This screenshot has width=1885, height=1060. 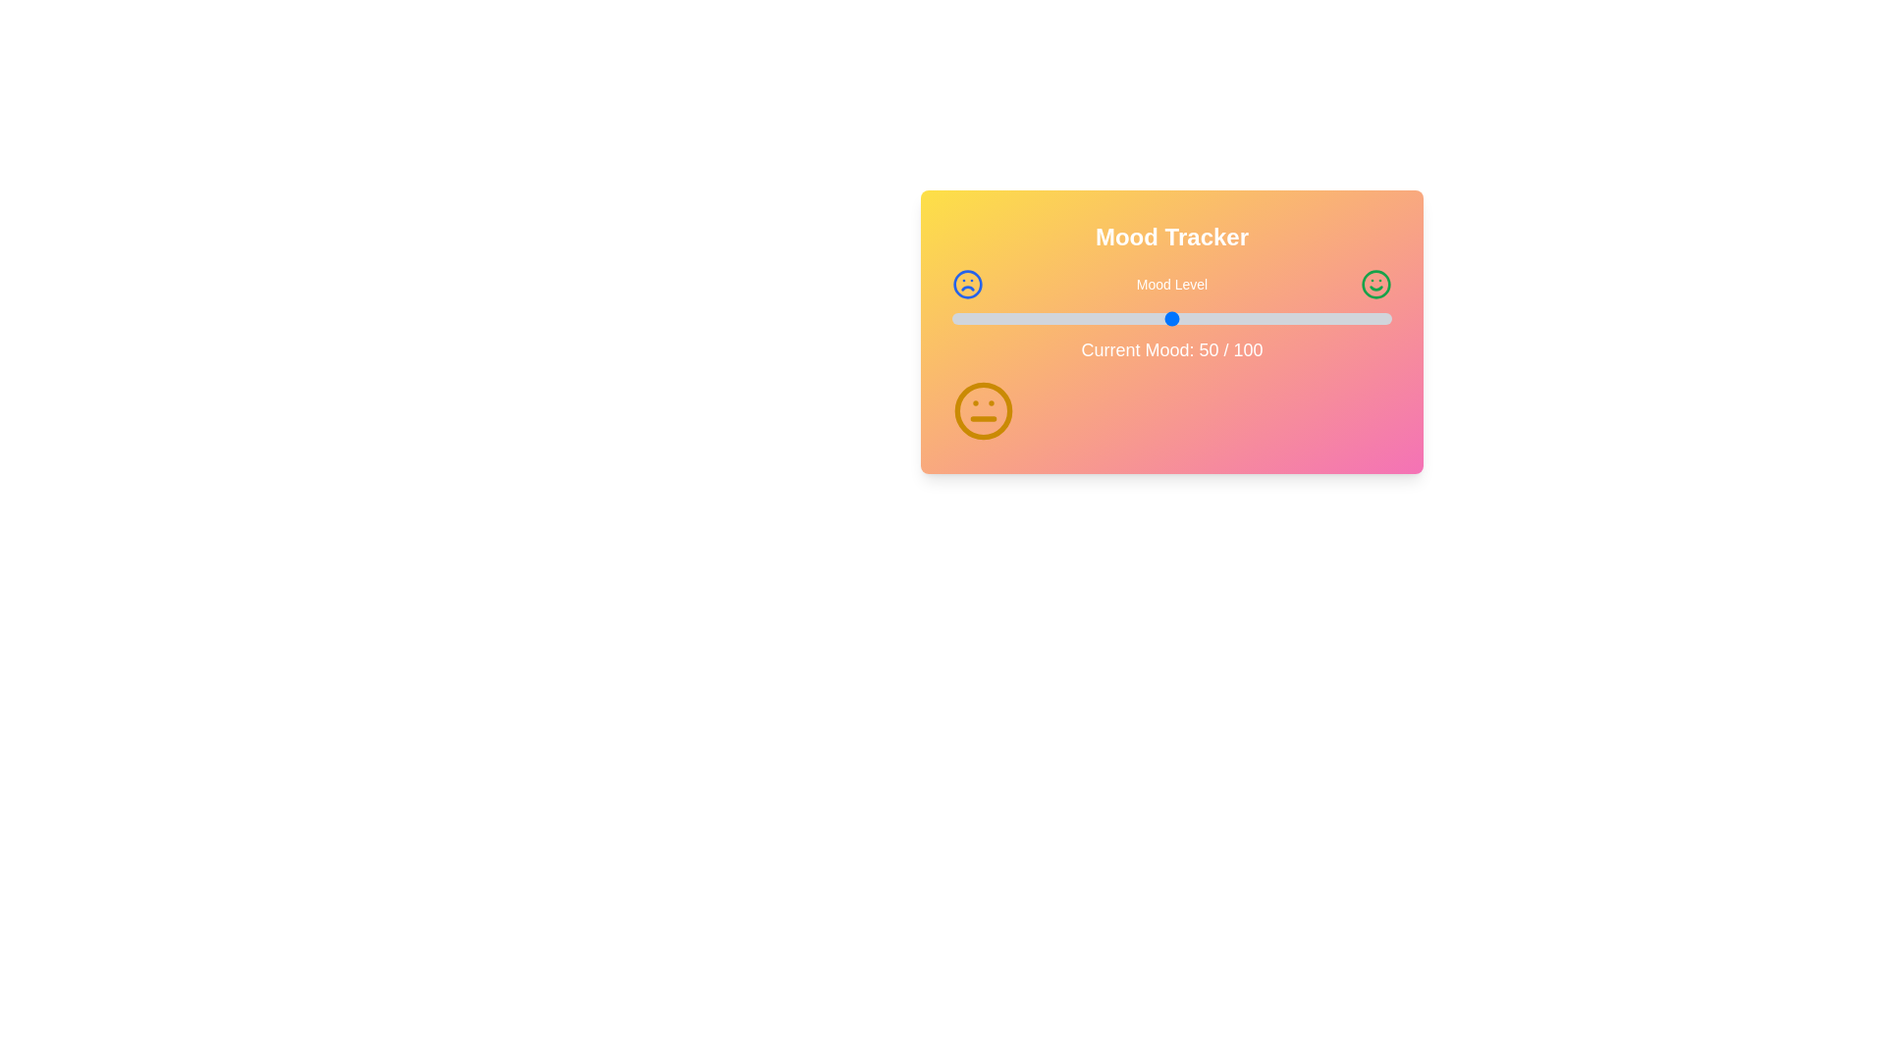 What do you see at coordinates (984, 410) in the screenshot?
I see `the 'Meh' icon, which represents the current mood level` at bounding box center [984, 410].